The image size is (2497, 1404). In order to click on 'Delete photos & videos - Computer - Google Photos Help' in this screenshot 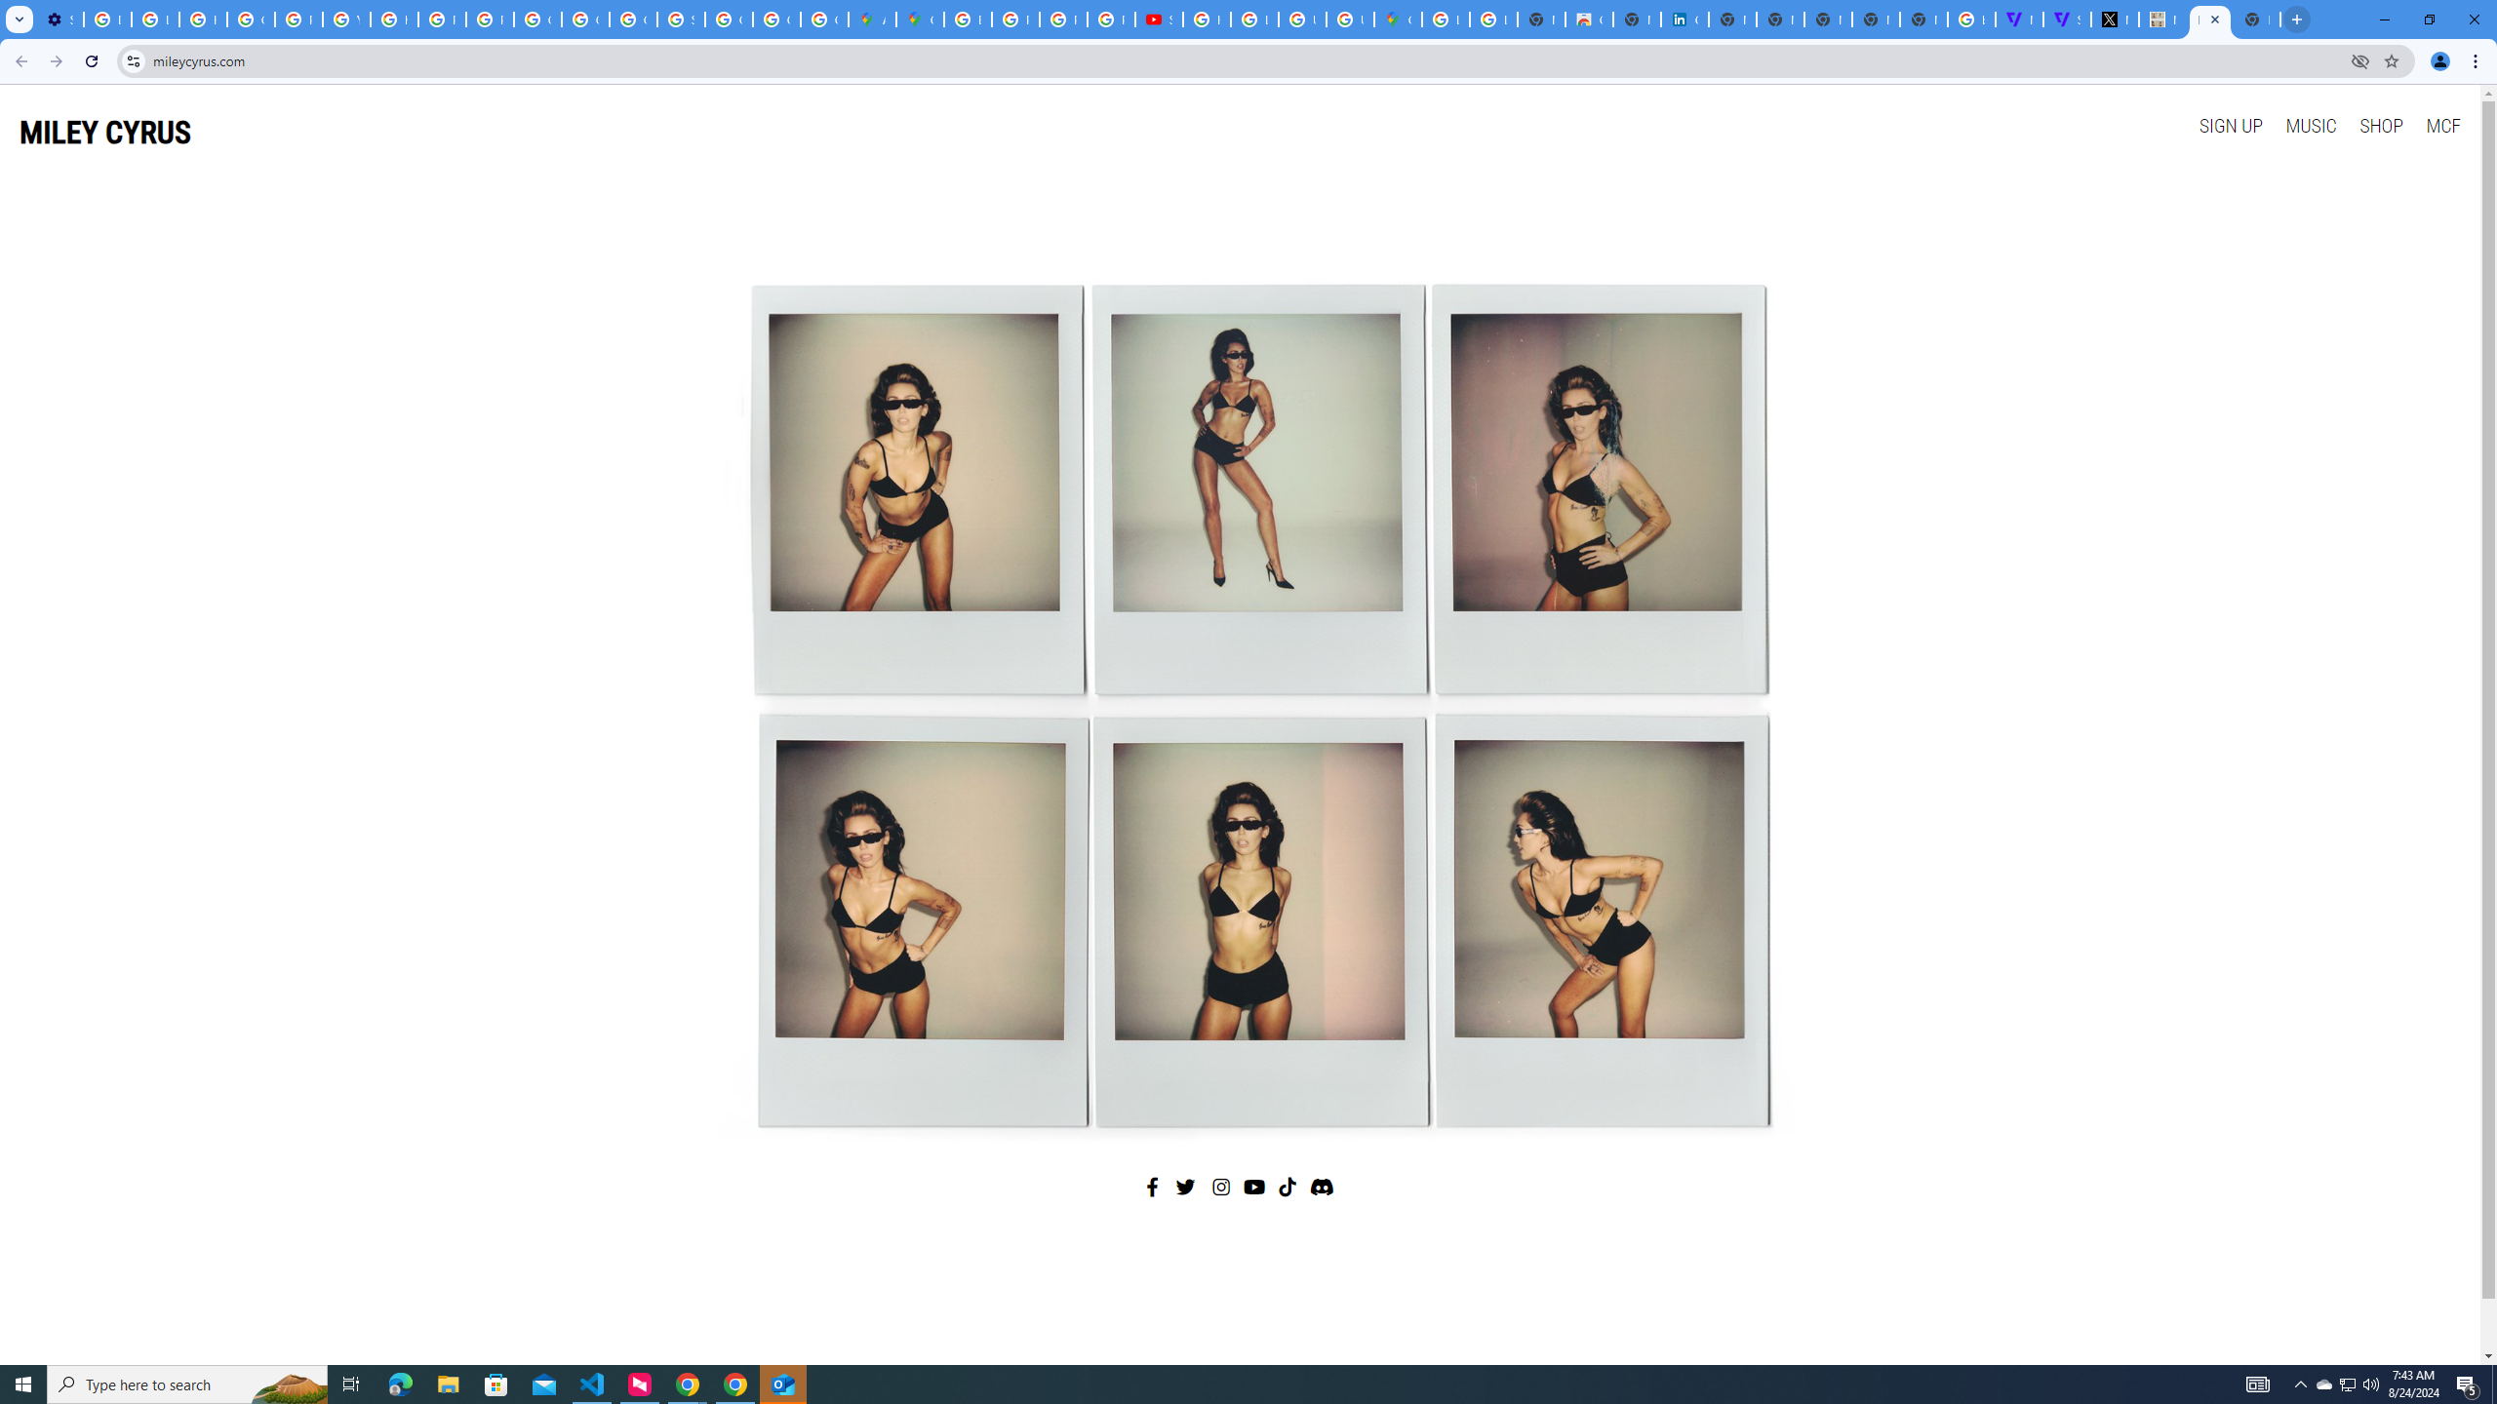, I will do `click(107, 19)`.